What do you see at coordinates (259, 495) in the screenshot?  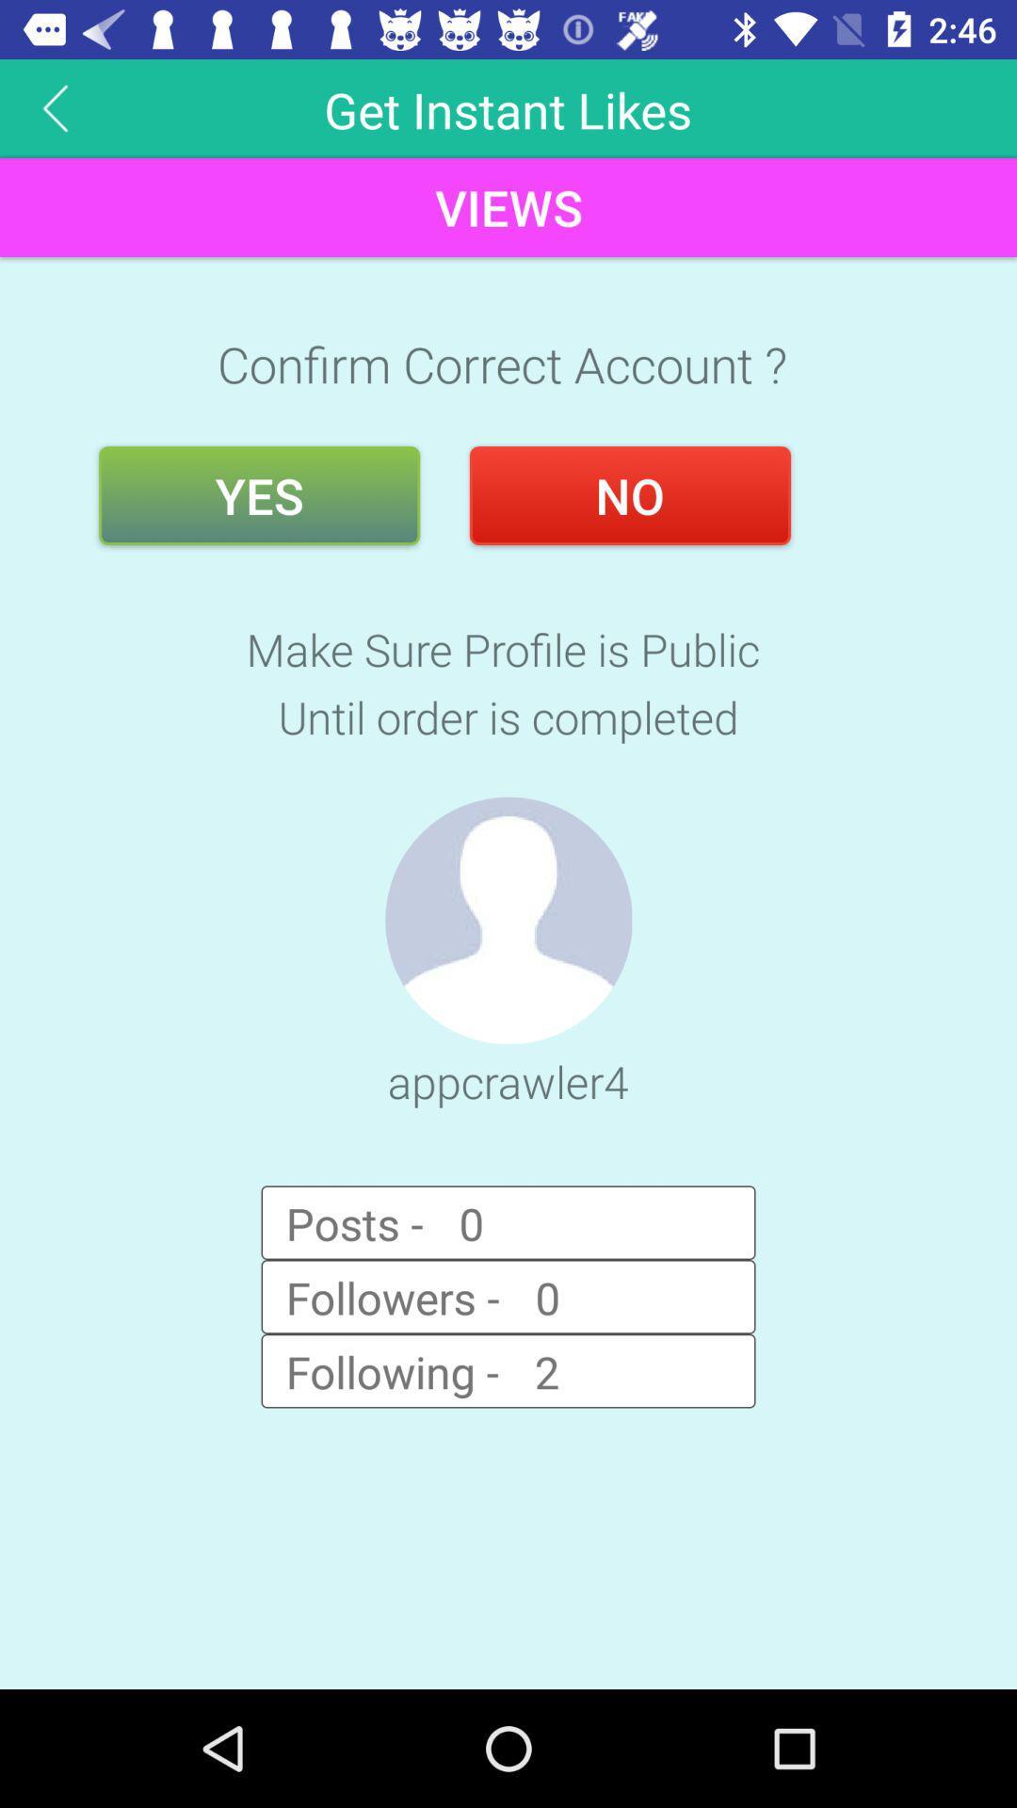 I see `the icon to the left of the no` at bounding box center [259, 495].